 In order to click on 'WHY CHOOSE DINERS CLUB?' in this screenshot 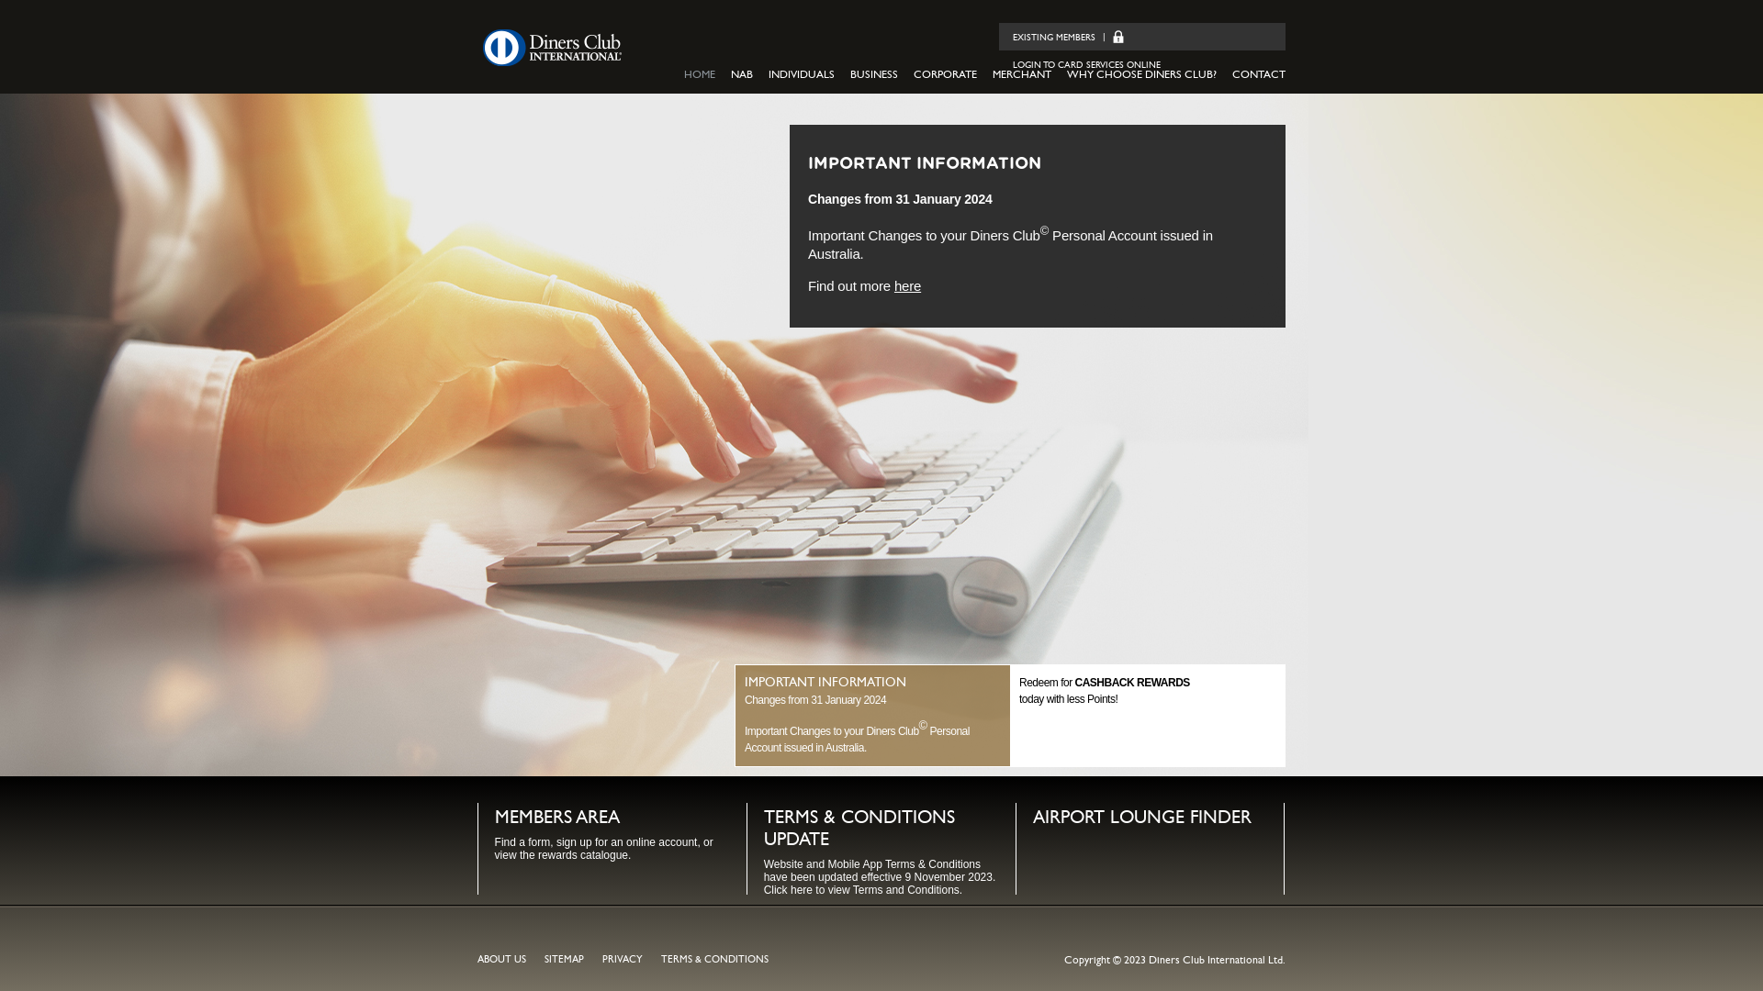, I will do `click(1066, 73)`.